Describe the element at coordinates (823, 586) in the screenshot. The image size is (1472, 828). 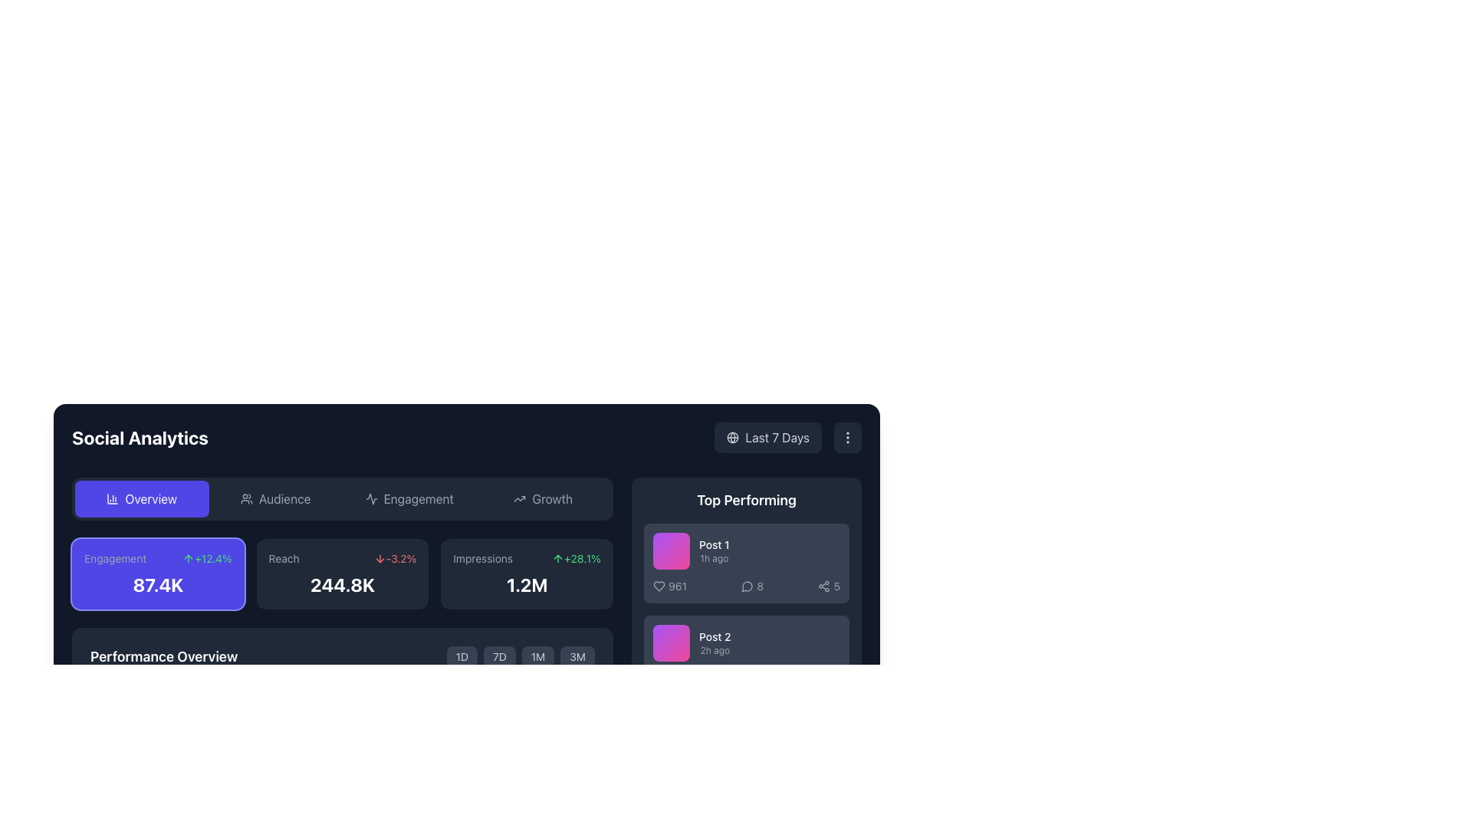
I see `the share icon located on the right edge of the 'Post 1' section in the 'Top Performing' area of the dashboard, just before the number '5'` at that location.